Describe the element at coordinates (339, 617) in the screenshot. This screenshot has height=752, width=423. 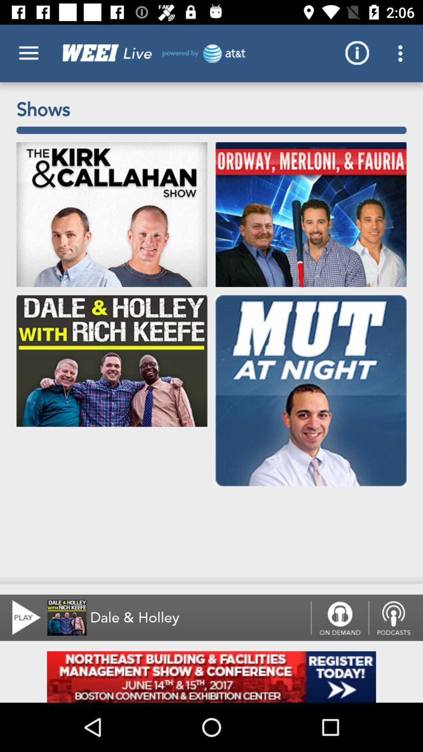
I see `the lock icon` at that location.